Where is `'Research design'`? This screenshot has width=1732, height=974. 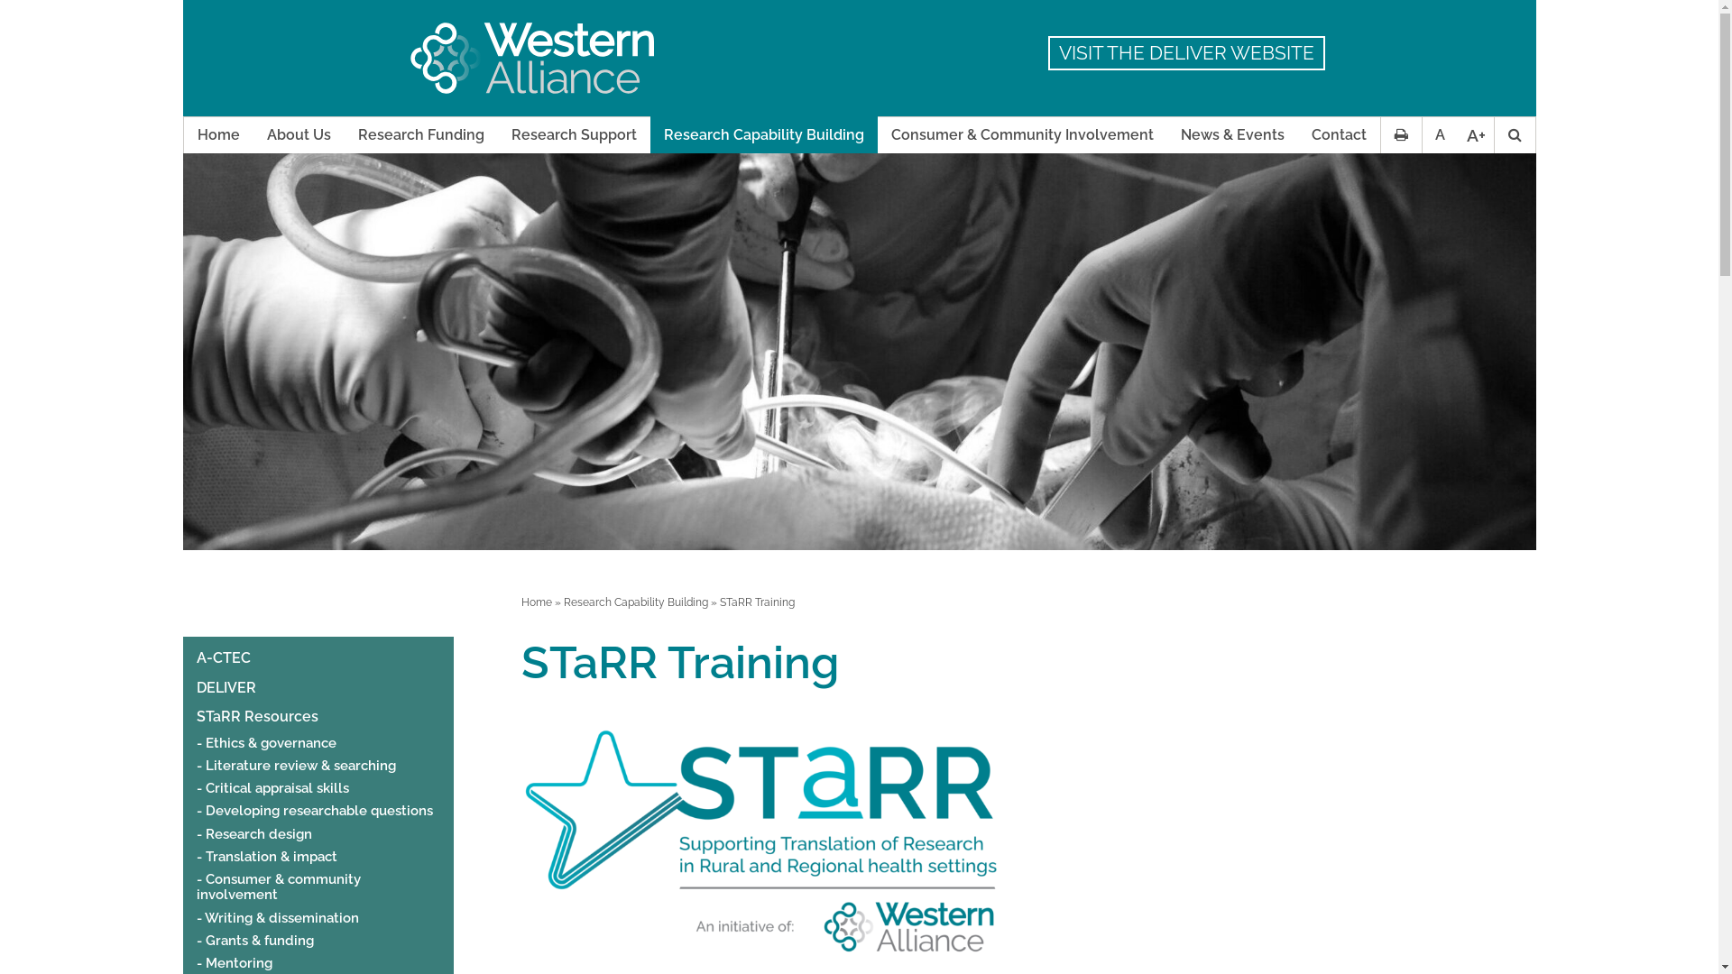 'Research design' is located at coordinates (253, 834).